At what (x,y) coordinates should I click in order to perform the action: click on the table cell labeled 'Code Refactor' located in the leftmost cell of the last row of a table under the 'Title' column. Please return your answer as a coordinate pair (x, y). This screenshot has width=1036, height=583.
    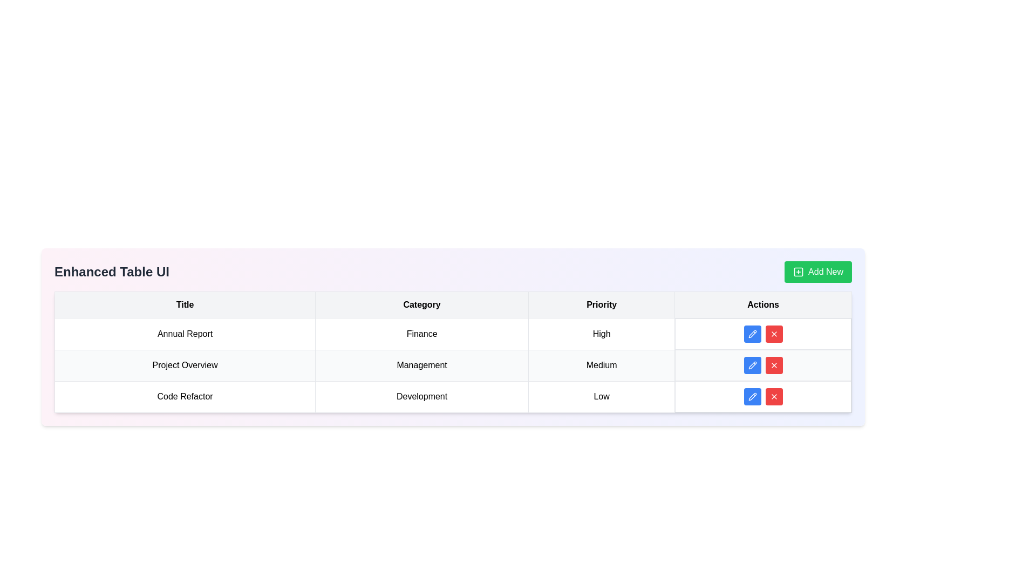
    Looking at the image, I should click on (185, 397).